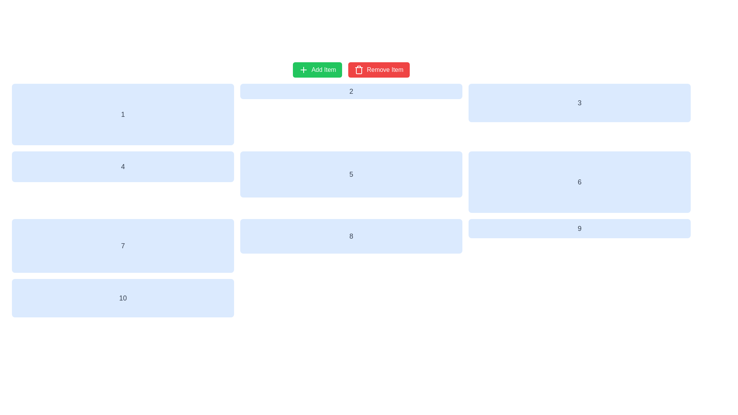 The image size is (738, 415). What do you see at coordinates (579, 228) in the screenshot?
I see `the text label displaying the character '9', which is styled with a larger text size and bold font weight, located in the blue rectangular section with rounded edges and light grey background` at bounding box center [579, 228].